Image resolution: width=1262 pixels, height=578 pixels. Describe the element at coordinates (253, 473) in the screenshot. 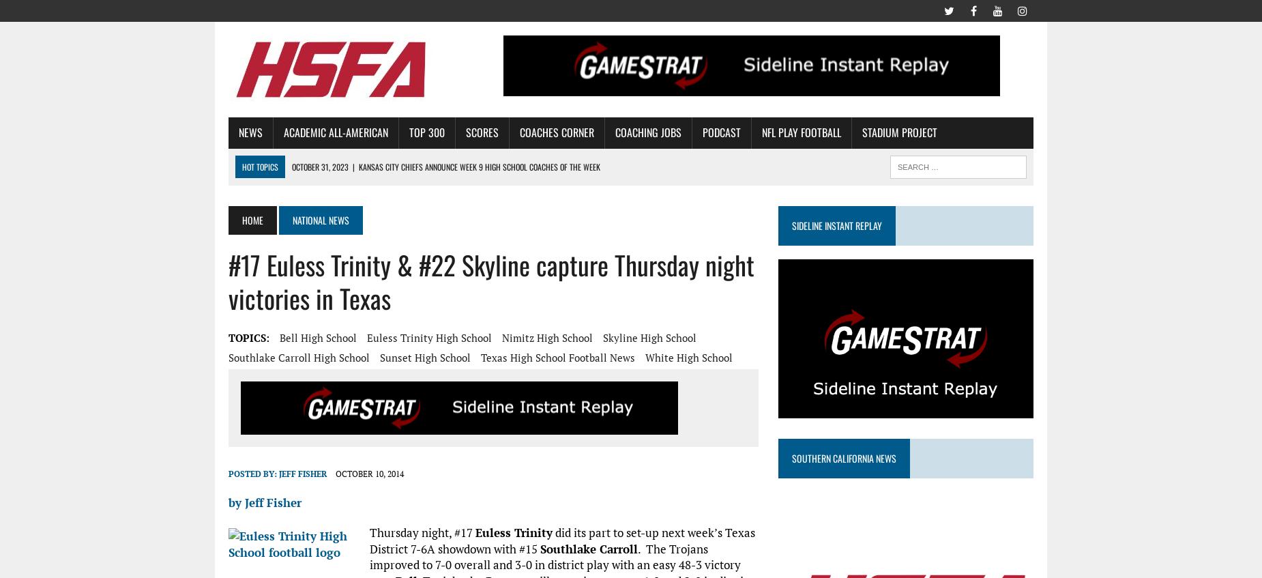

I see `'Posted By:'` at that location.